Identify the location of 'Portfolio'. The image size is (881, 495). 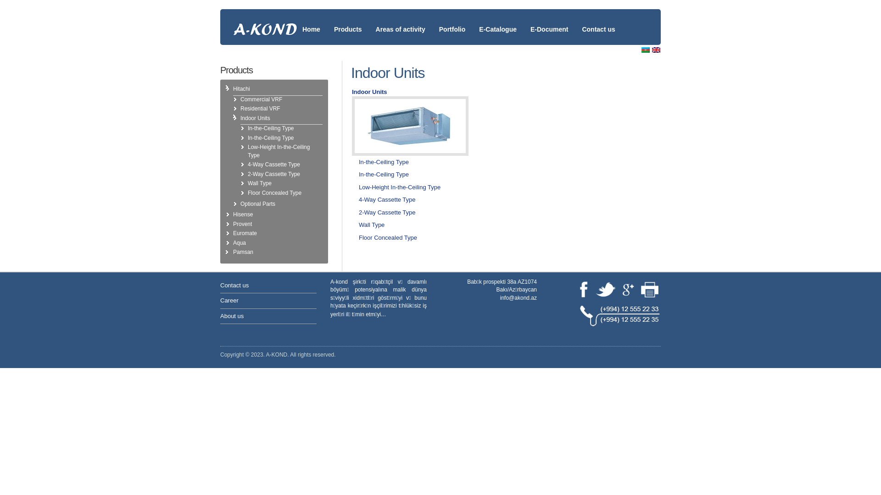
(452, 21).